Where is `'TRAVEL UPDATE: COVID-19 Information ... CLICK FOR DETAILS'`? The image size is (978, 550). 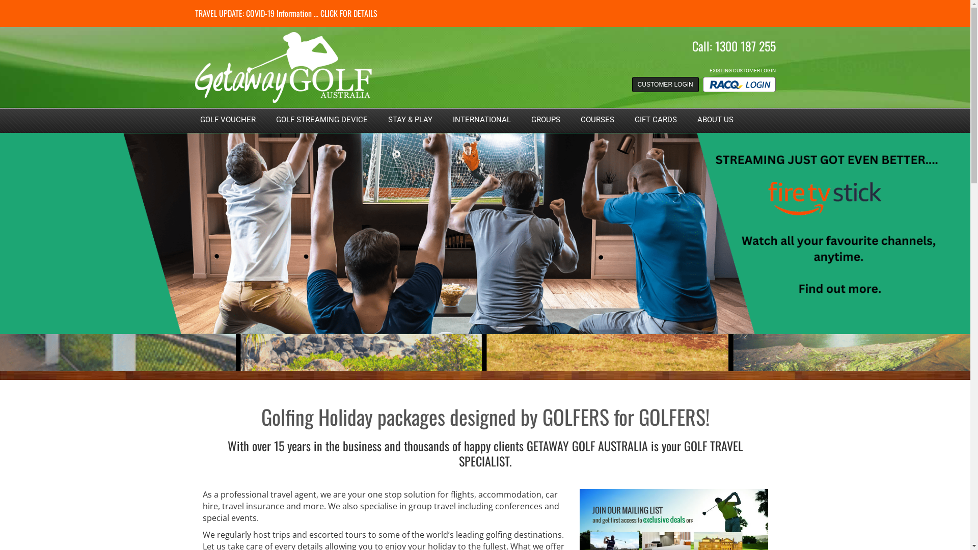 'TRAVEL UPDATE: COVID-19 Information ... CLICK FOR DETAILS' is located at coordinates (285, 13).